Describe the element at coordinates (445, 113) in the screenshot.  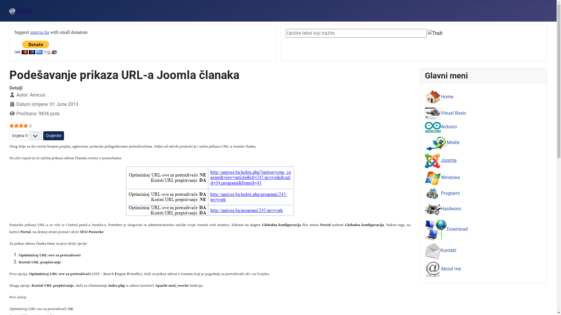
I see `'Visual Basic'` at that location.